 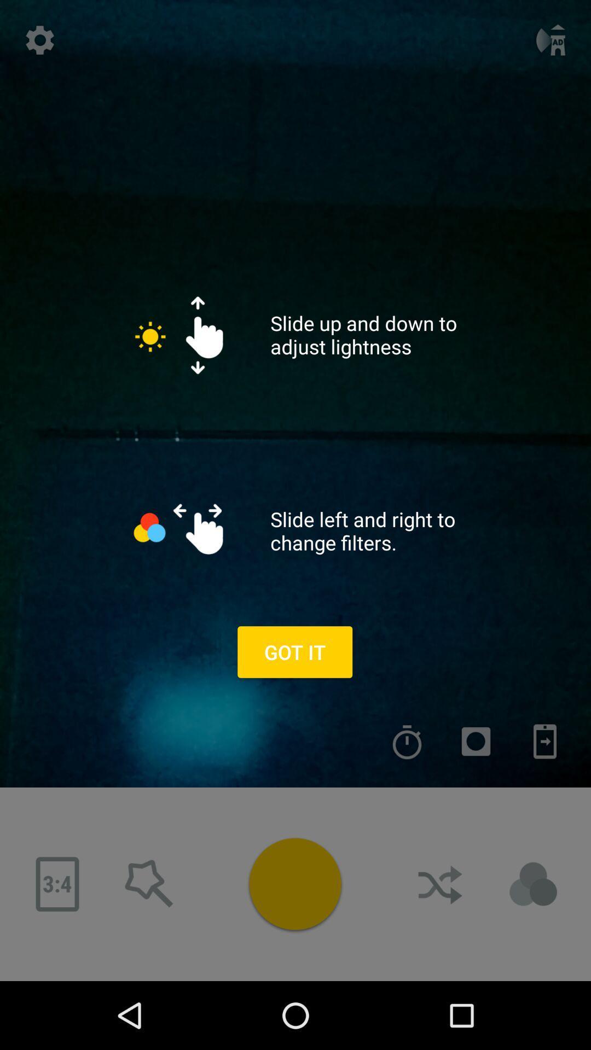 I want to click on button, so click(x=294, y=884).